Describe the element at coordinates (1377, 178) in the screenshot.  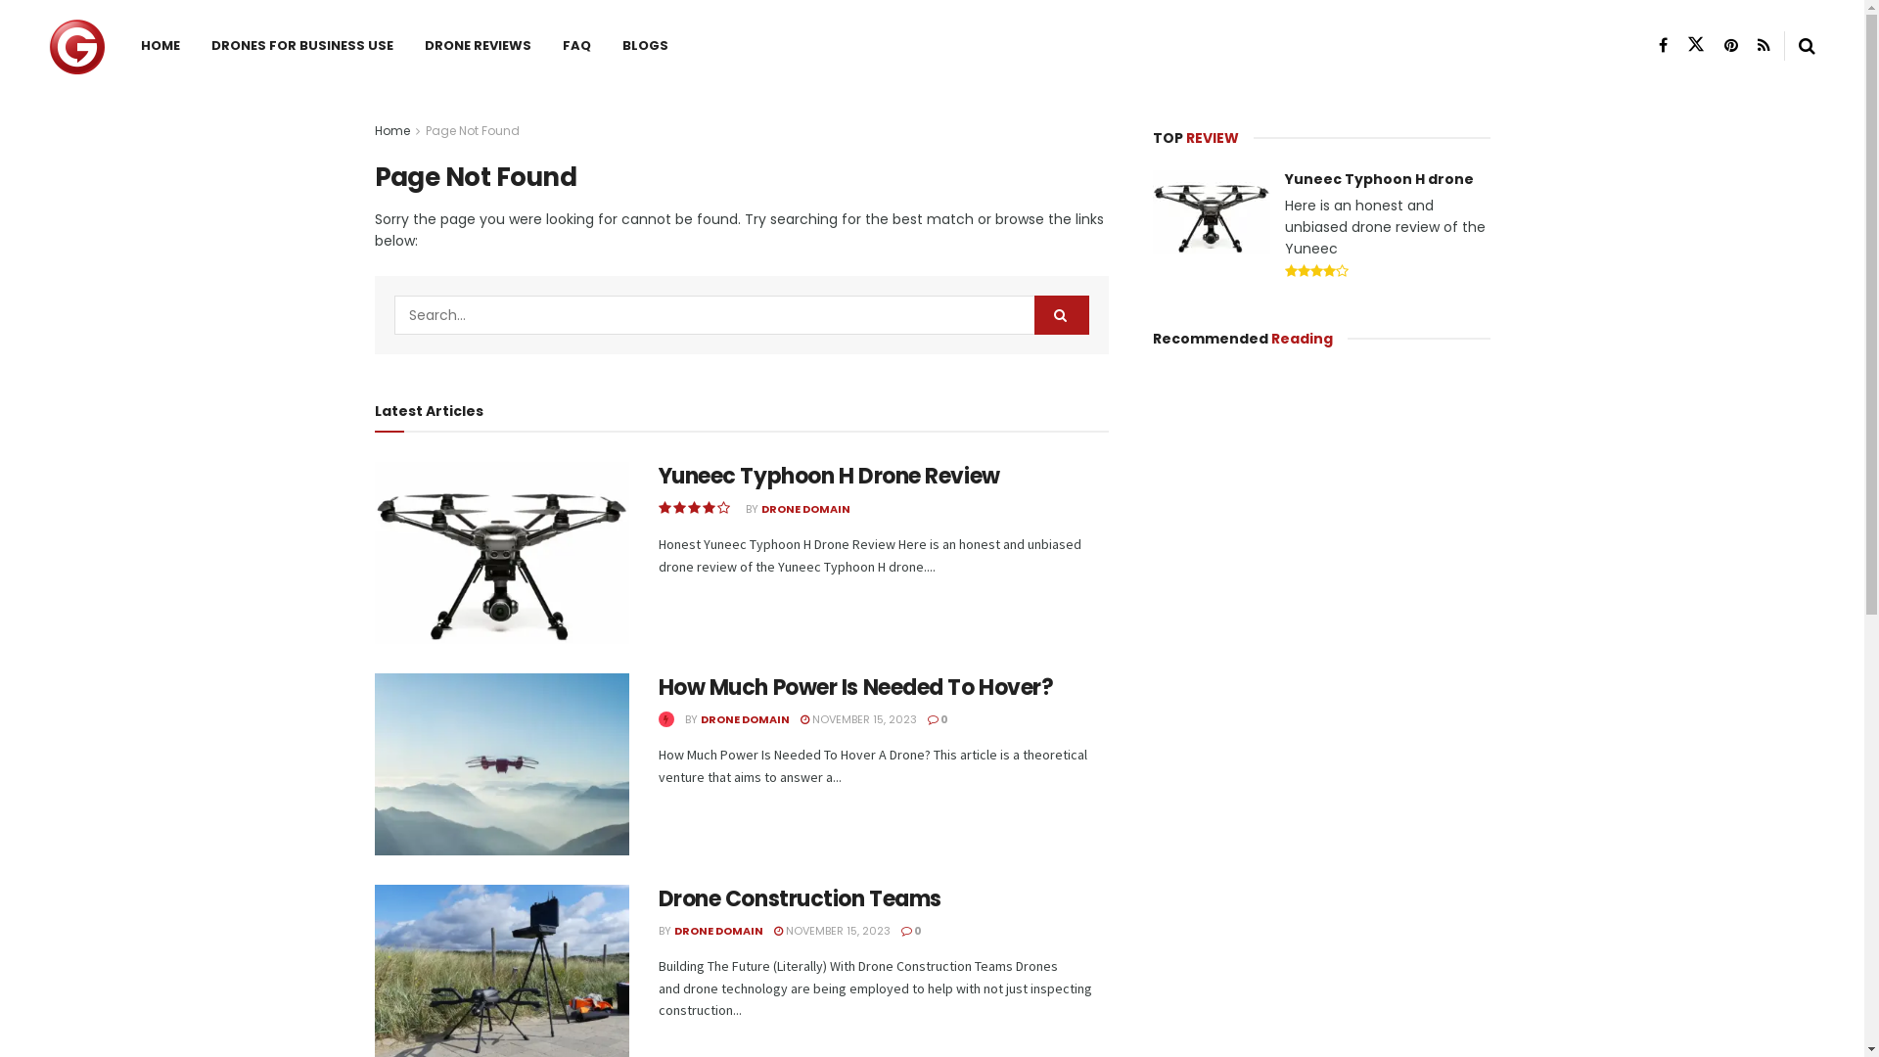
I see `'Yuneec Typhoon H drone'` at that location.